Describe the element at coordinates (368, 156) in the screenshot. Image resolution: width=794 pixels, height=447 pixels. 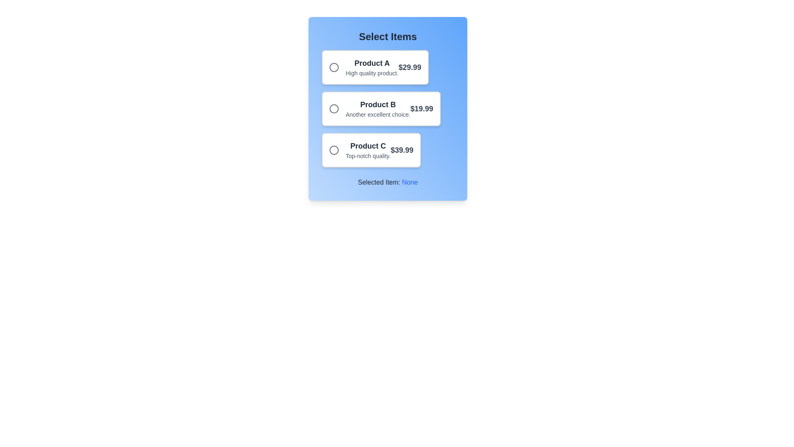
I see `the static text label reading 'Top-notch quality,' which is styled in muted gray and positioned below the heading 'Product C.'` at that location.